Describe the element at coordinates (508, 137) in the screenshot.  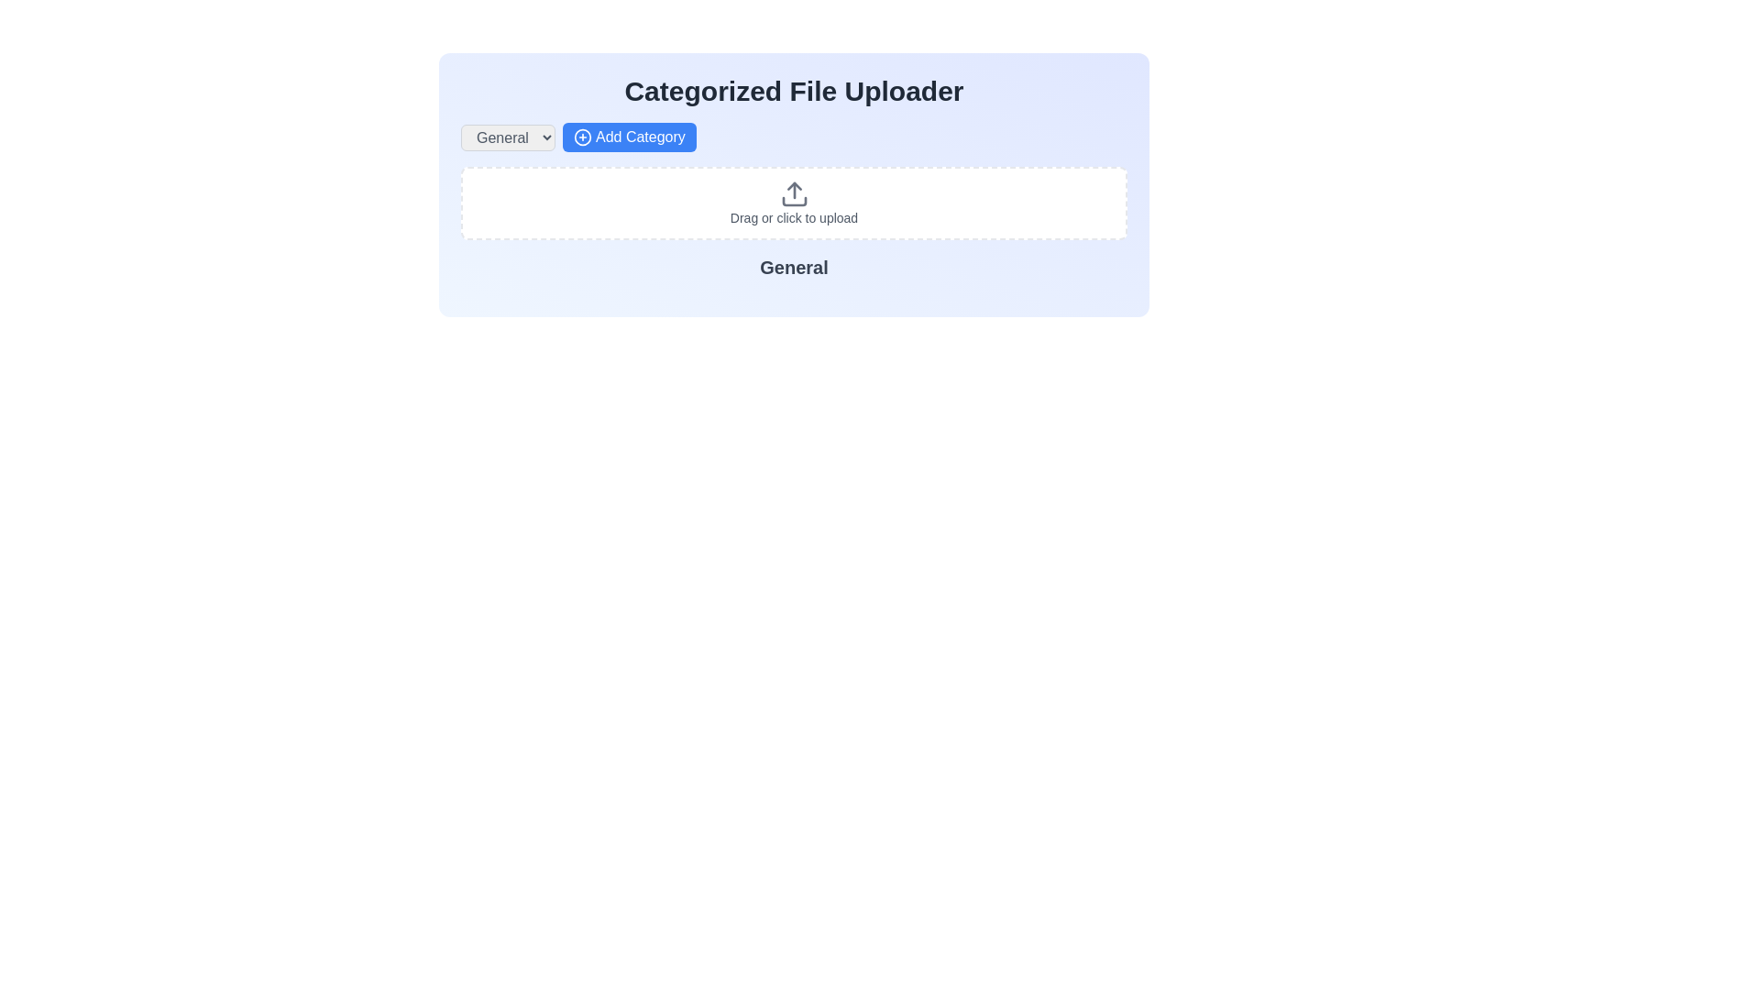
I see `the dropdown menu located at the top-left corner of the interface` at that location.